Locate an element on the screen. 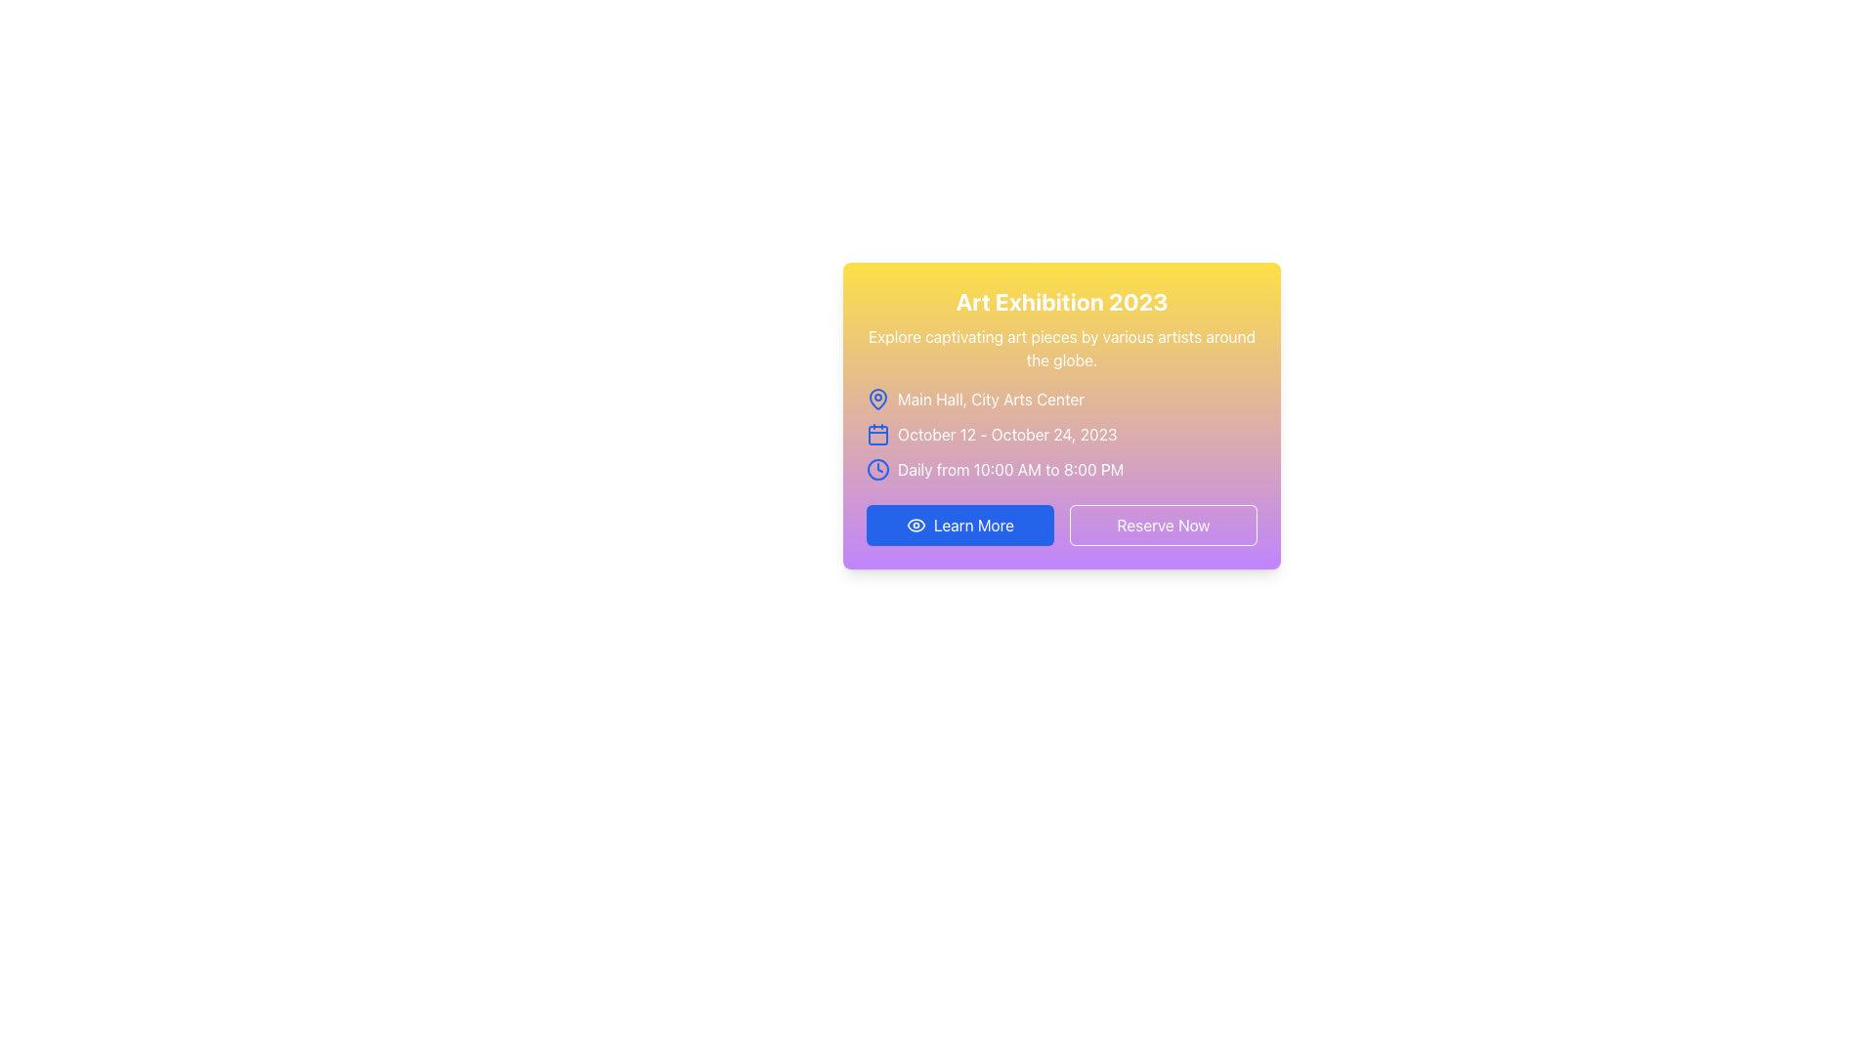 The width and height of the screenshot is (1876, 1055). the 'Reserve Now' button which has a purple background and white text, located in the bottom-right section of a card, directly to the right of the 'Learn More' button is located at coordinates (1163, 524).